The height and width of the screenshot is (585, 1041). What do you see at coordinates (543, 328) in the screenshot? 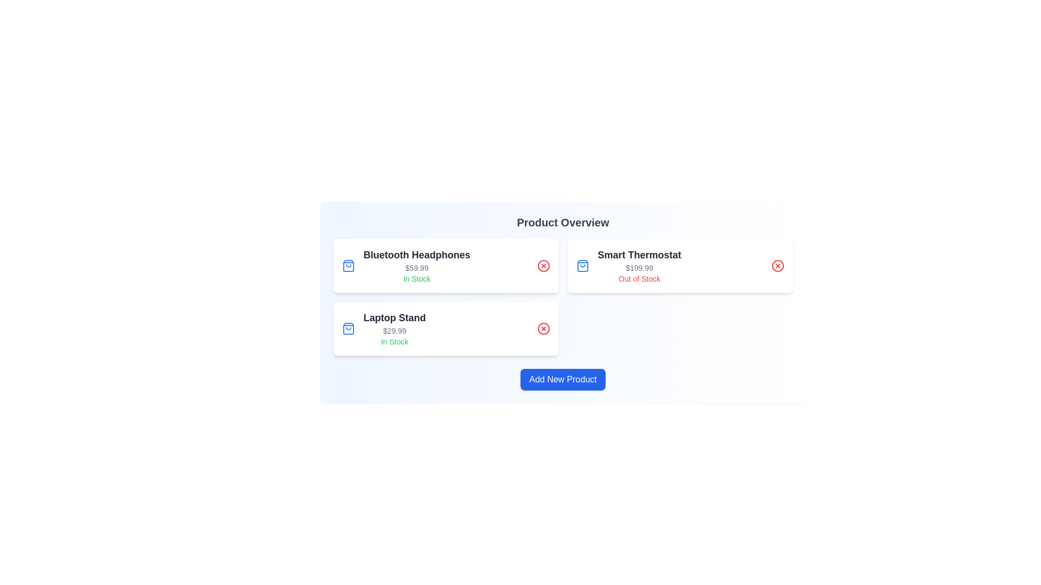
I see `remove button for the product identified by Laptop Stand` at bounding box center [543, 328].